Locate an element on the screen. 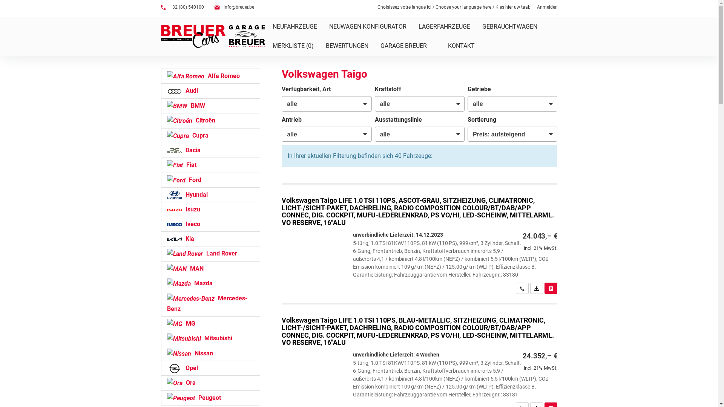 The width and height of the screenshot is (724, 407). 'Land Rover' is located at coordinates (210, 253).